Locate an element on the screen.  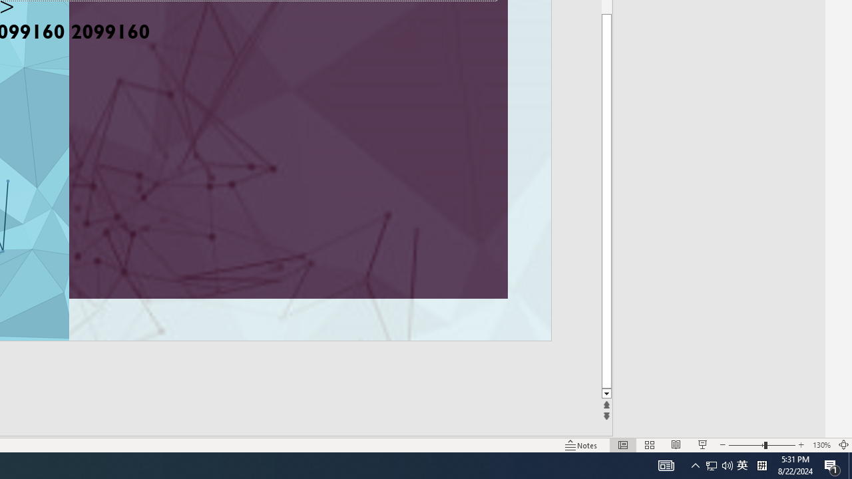
'Line down' is located at coordinates (606, 393).